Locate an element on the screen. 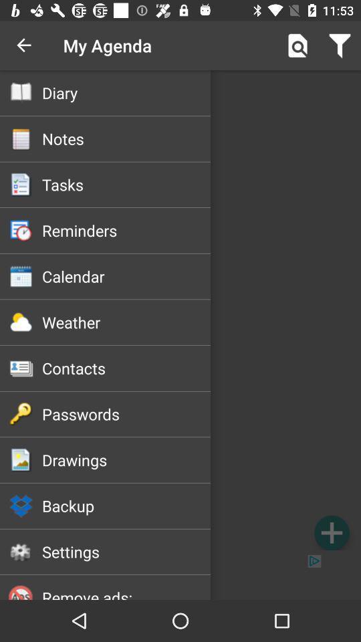 This screenshot has width=361, height=642. advance to more settings is located at coordinates (331, 532).